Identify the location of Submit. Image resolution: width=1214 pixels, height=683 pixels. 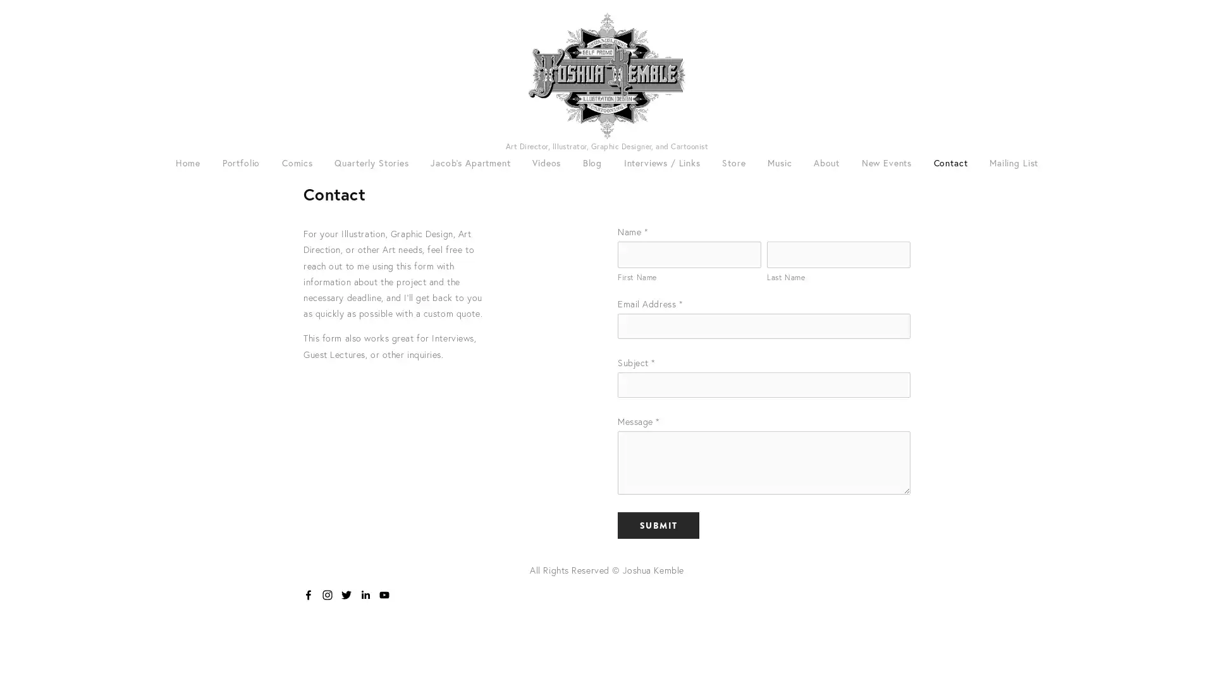
(658, 525).